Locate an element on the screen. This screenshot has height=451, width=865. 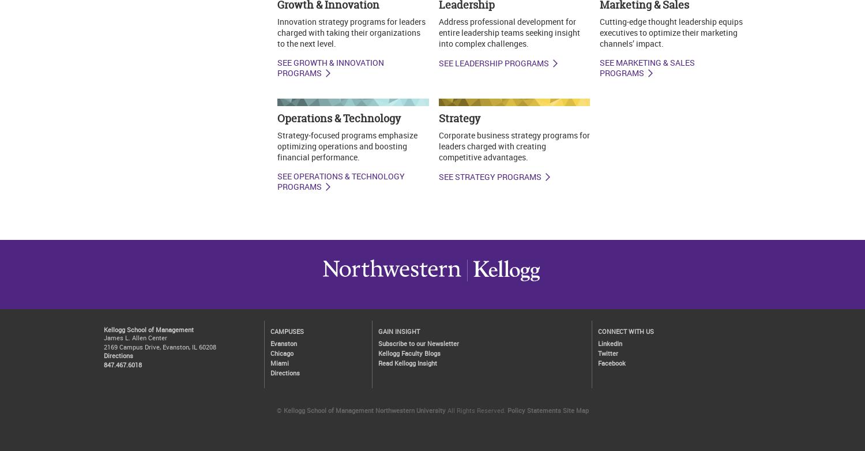
'Strategy-focused programs emphasize optimizing operations and boosting financial performance.' is located at coordinates (346, 145).